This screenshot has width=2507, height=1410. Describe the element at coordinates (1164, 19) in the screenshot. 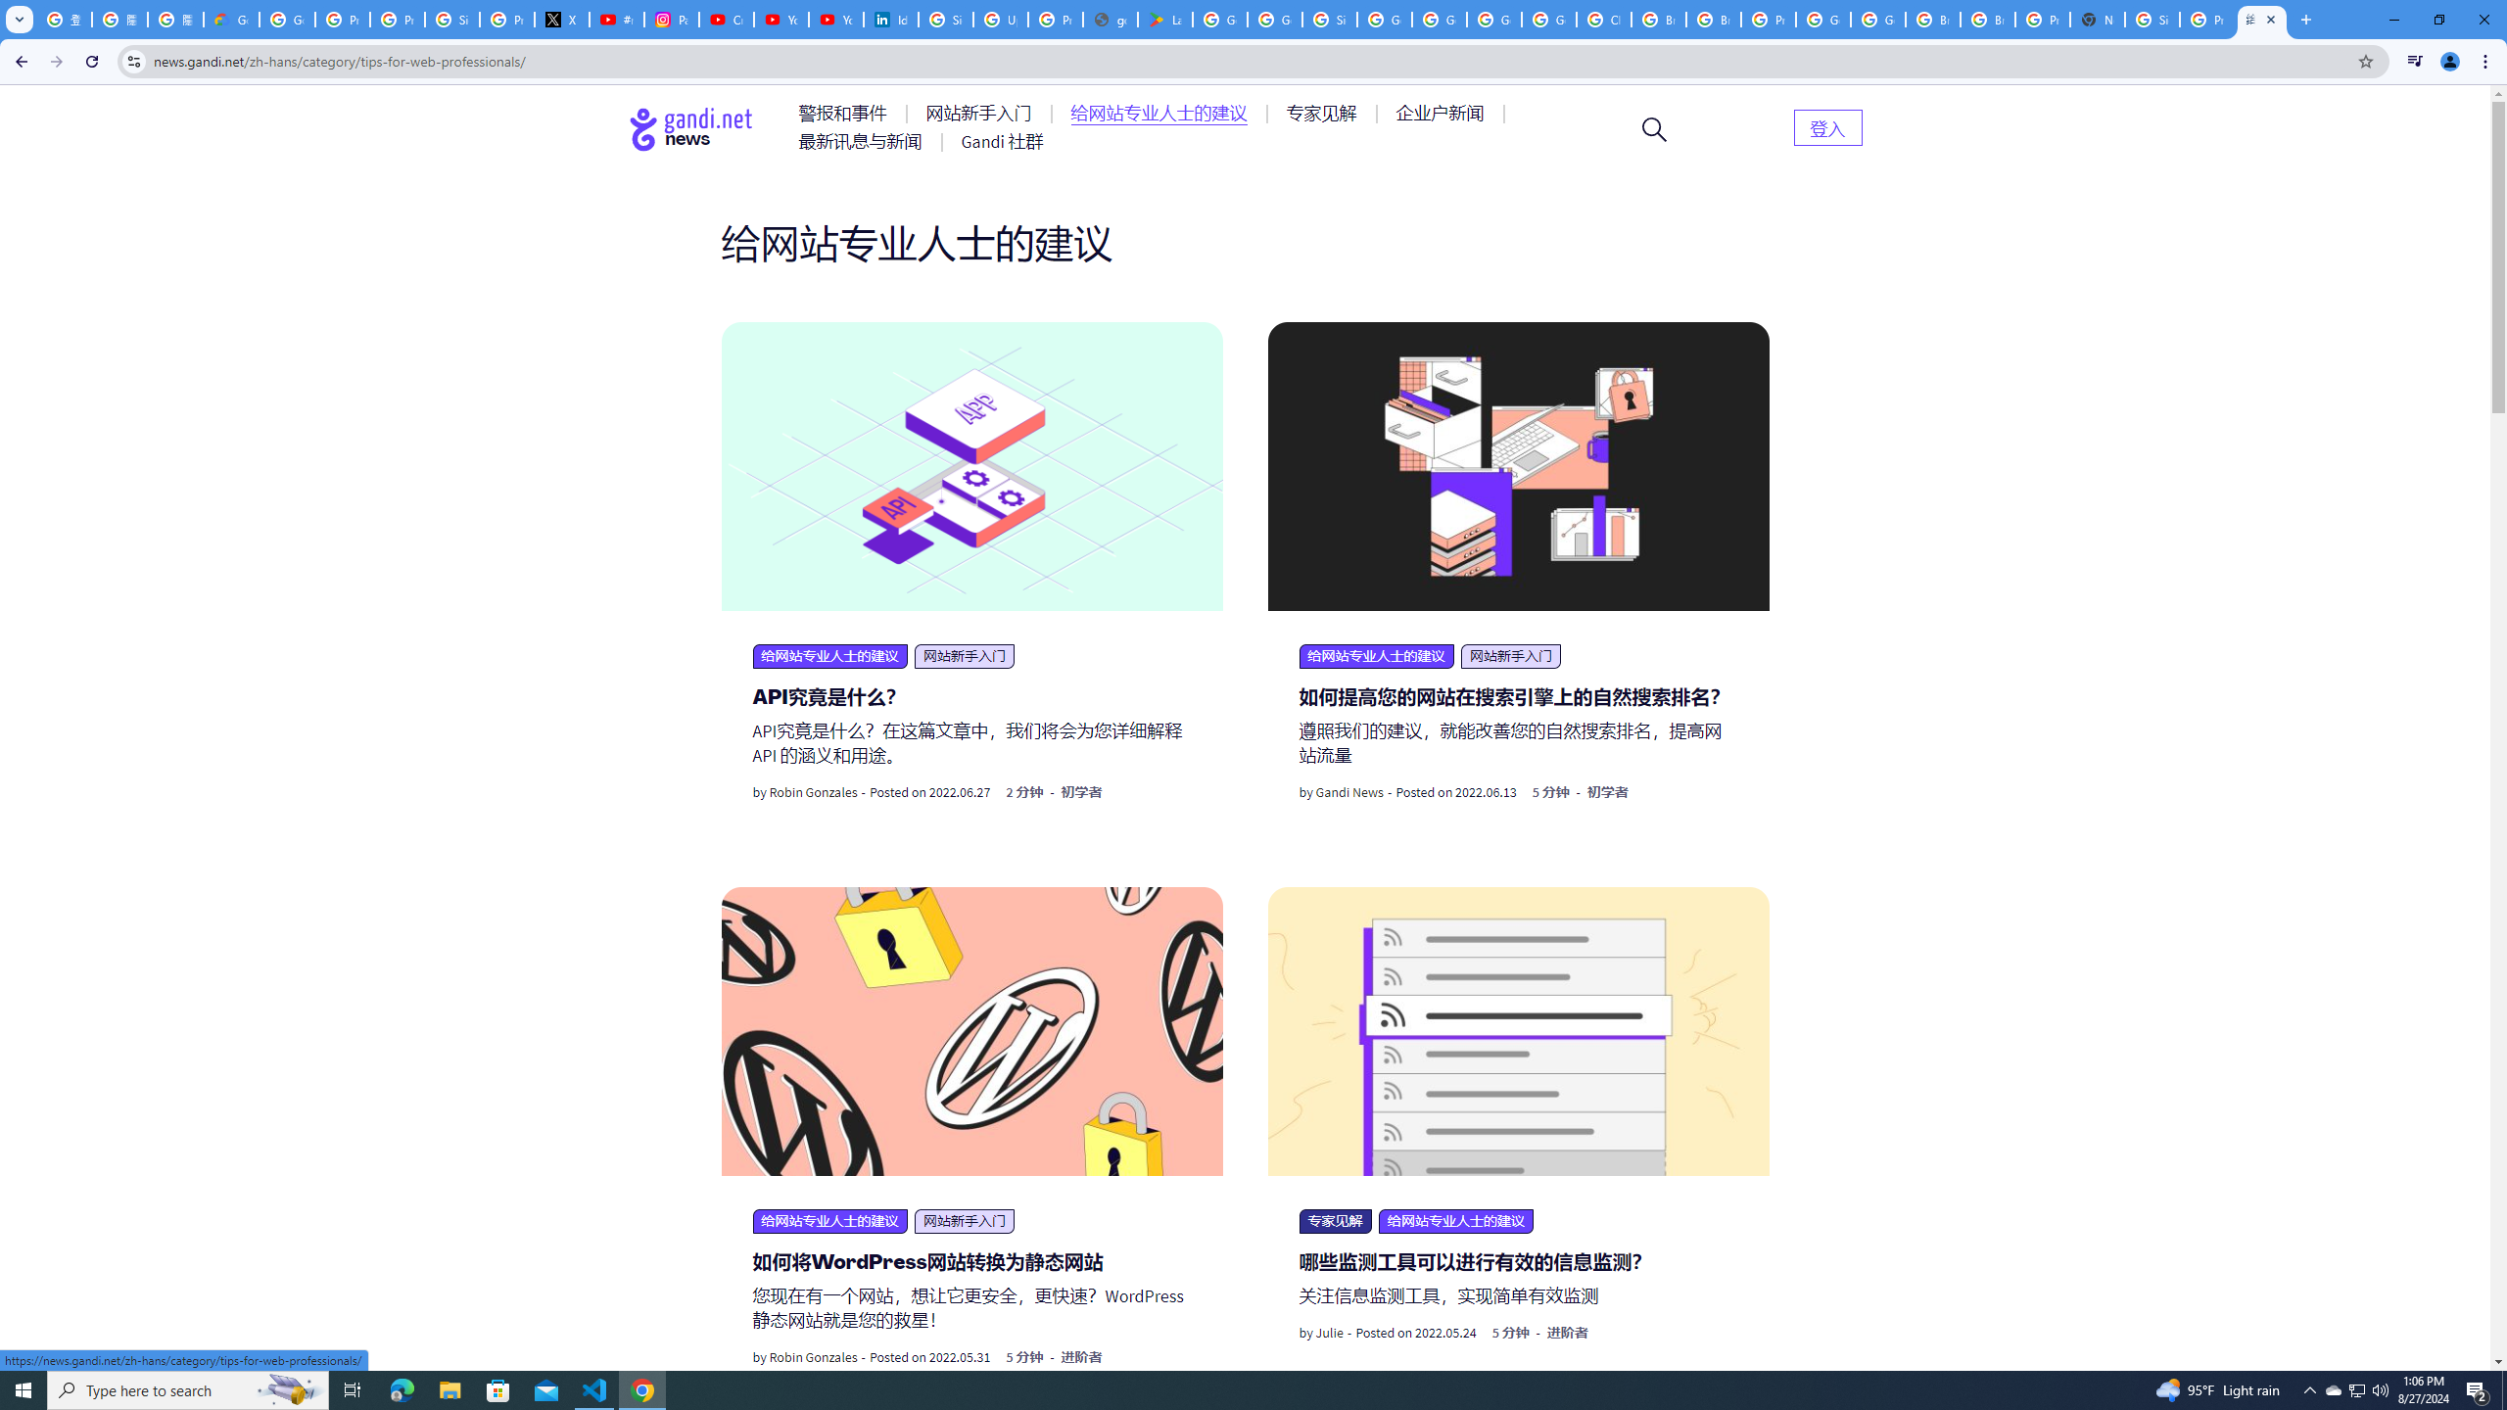

I see `'Last Shelter: Survival - Apps on Google Play'` at that location.